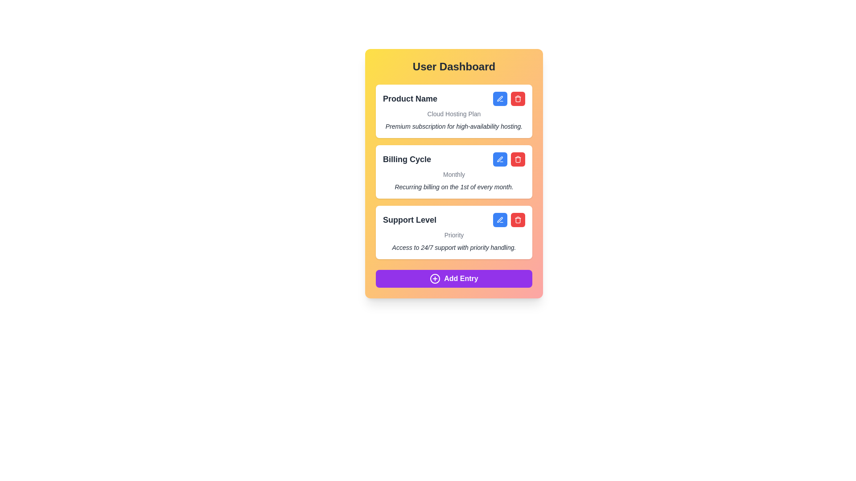 This screenshot has width=856, height=481. What do you see at coordinates (454, 126) in the screenshot?
I see `the static text displaying 'Premium subscription for high-availability hosting.' which is styled in italic and located beneath the 'Cloud Hosting Plan' header` at bounding box center [454, 126].